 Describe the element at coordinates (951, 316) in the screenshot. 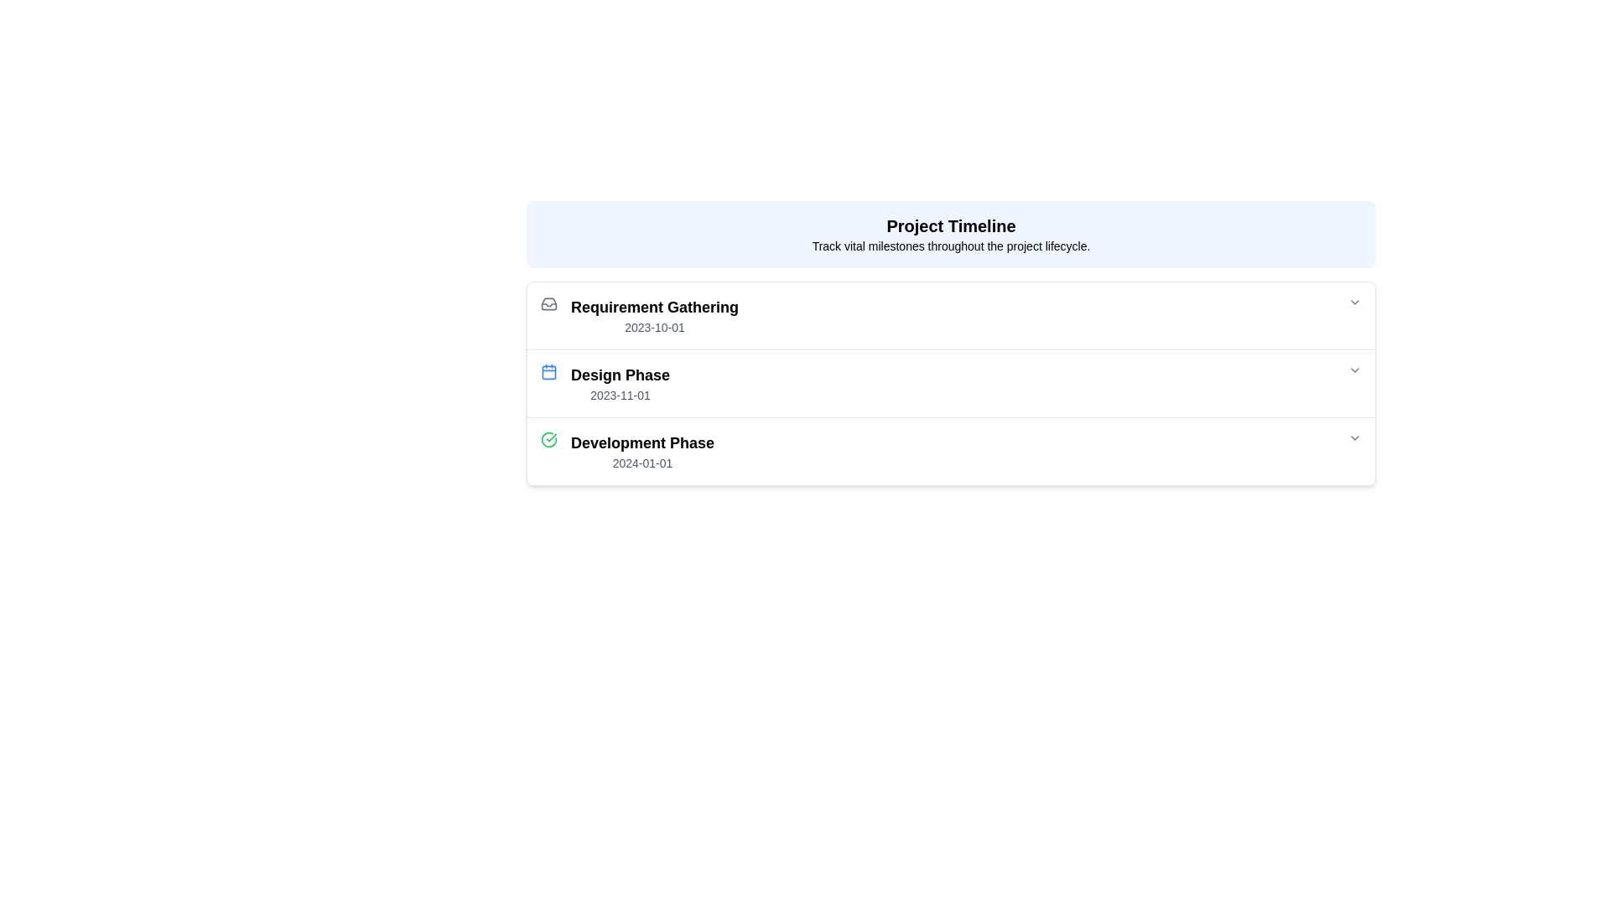

I see `the List Item with the bold title 'Requirement Gathering'` at that location.